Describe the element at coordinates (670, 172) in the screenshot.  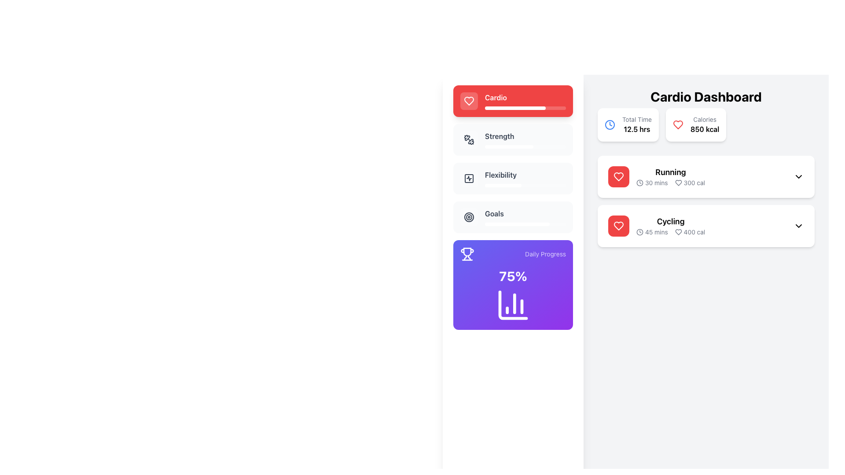
I see `the 'Running' text label displayed in bold, large font at the top of the right-side section of the Cardio Dashboard interface` at that location.